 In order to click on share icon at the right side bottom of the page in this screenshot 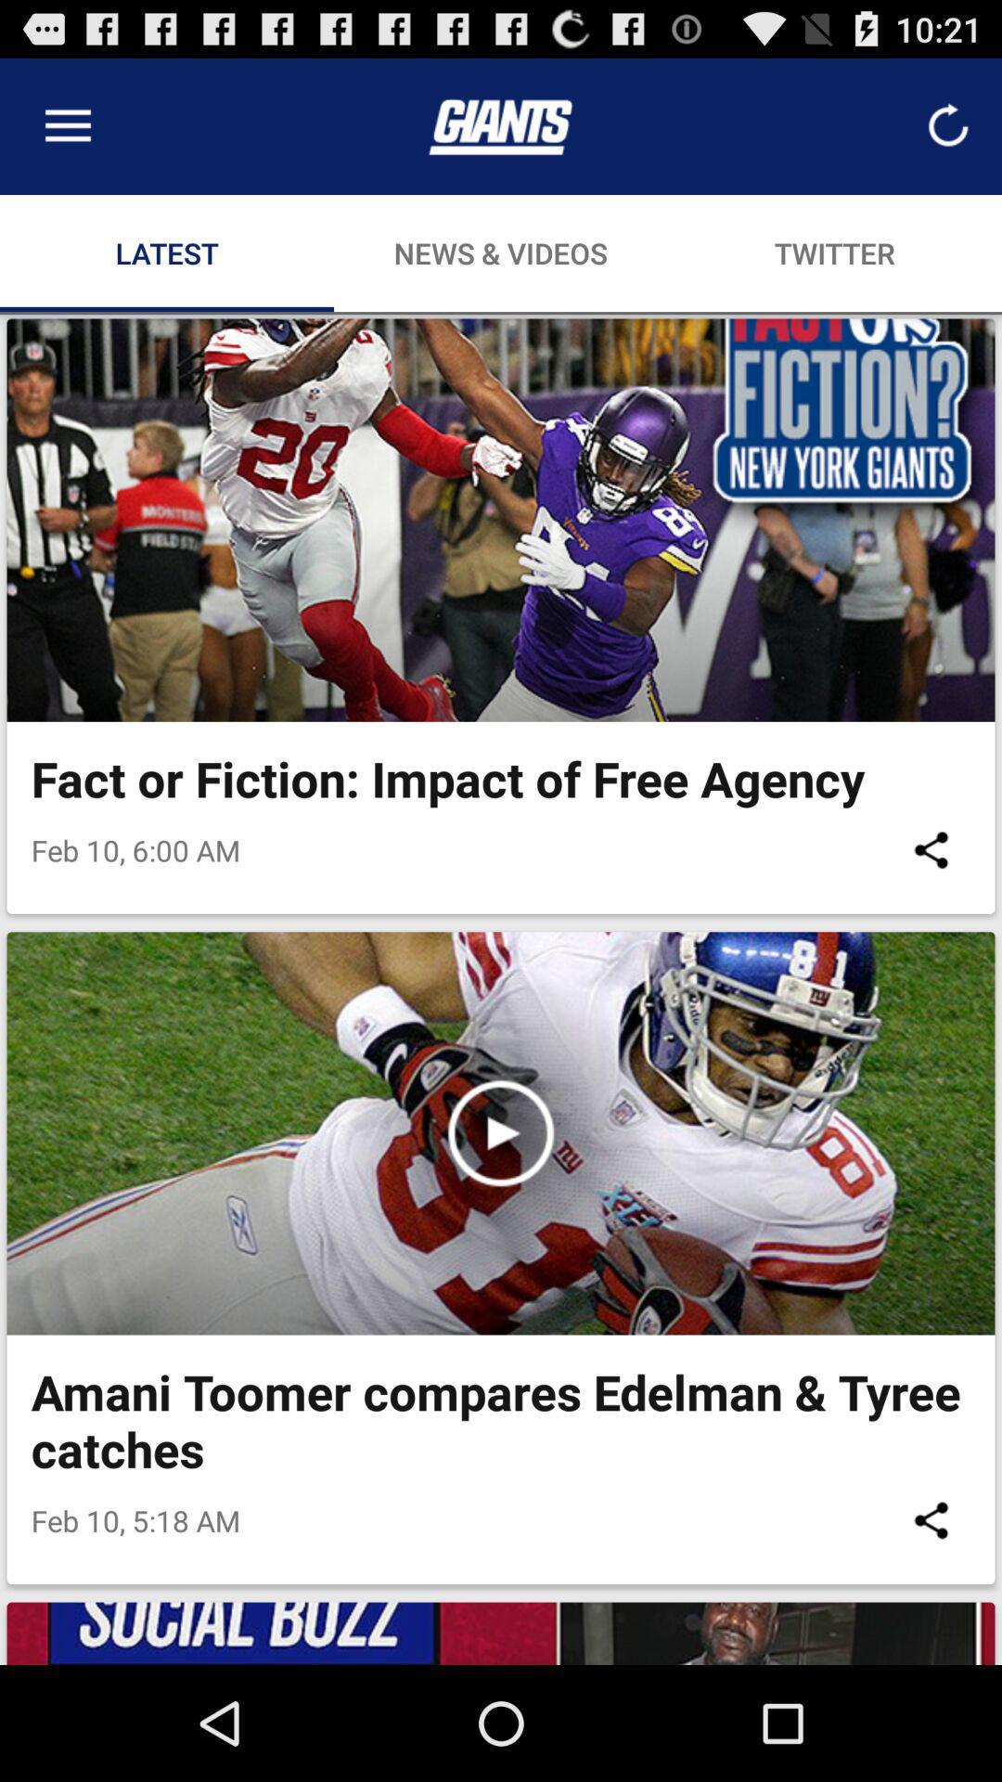, I will do `click(931, 1520)`.